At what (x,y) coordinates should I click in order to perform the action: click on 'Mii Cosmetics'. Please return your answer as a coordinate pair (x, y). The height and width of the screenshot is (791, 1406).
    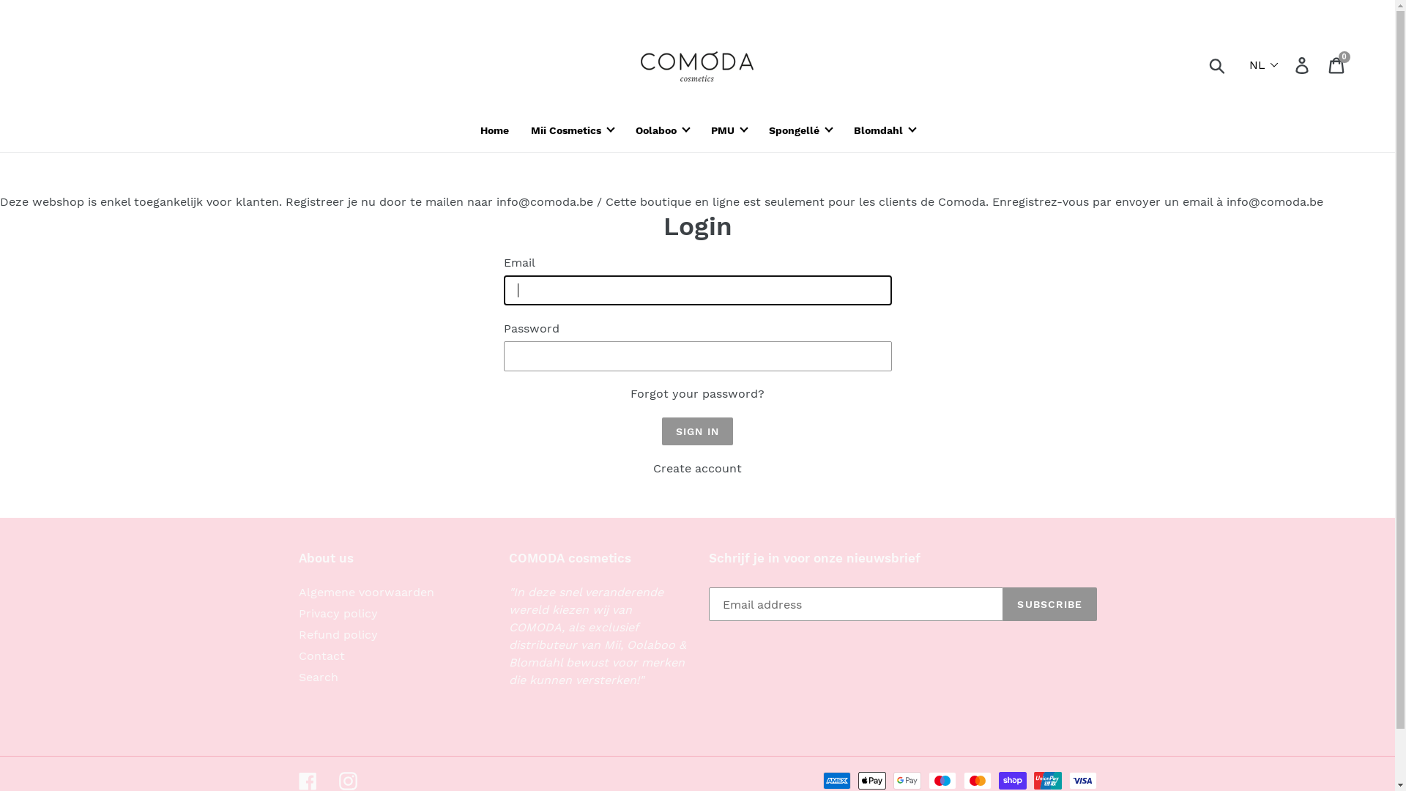
    Looking at the image, I should click on (571, 129).